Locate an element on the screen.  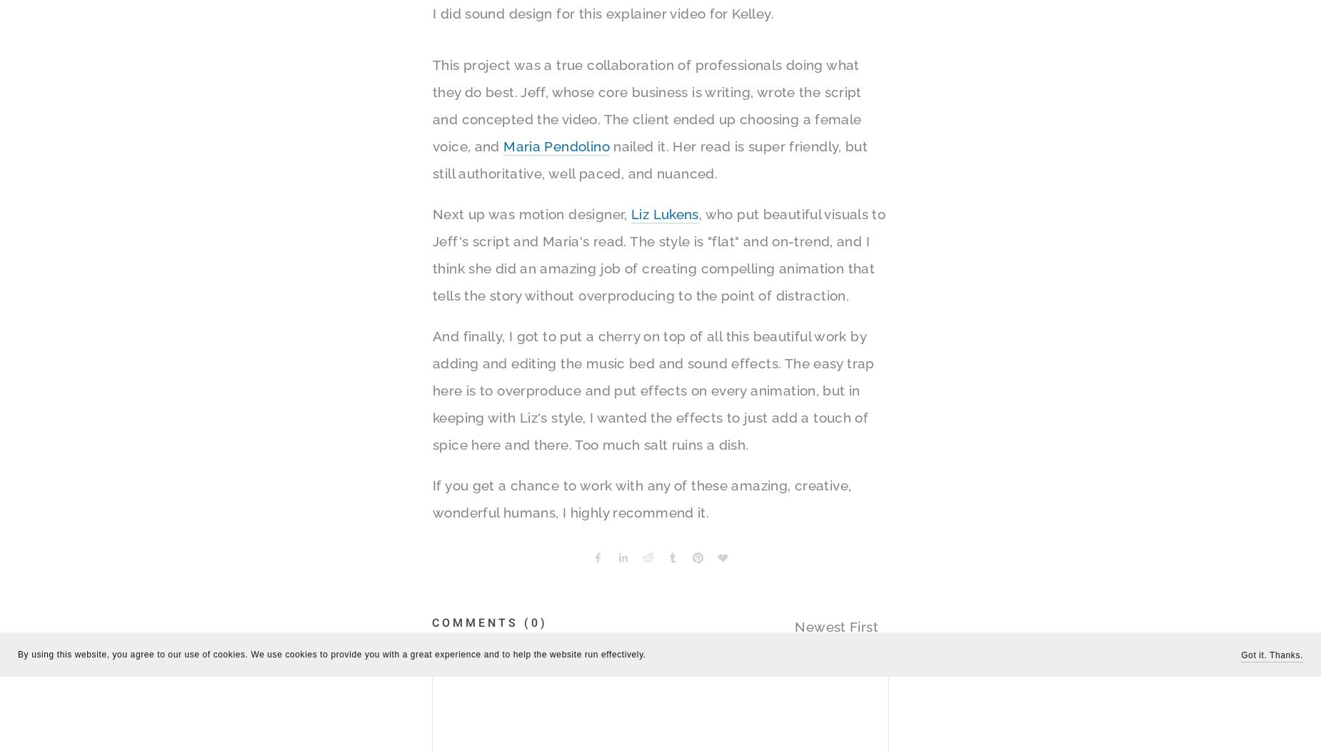
', who put beautiful visuals to Jeff's script and Maria's read. The style is "flat" and on-trend, and I think she did an amazing job of creating compelling animation that tells the story without overproducing to the point of distraction.' is located at coordinates (658, 255).